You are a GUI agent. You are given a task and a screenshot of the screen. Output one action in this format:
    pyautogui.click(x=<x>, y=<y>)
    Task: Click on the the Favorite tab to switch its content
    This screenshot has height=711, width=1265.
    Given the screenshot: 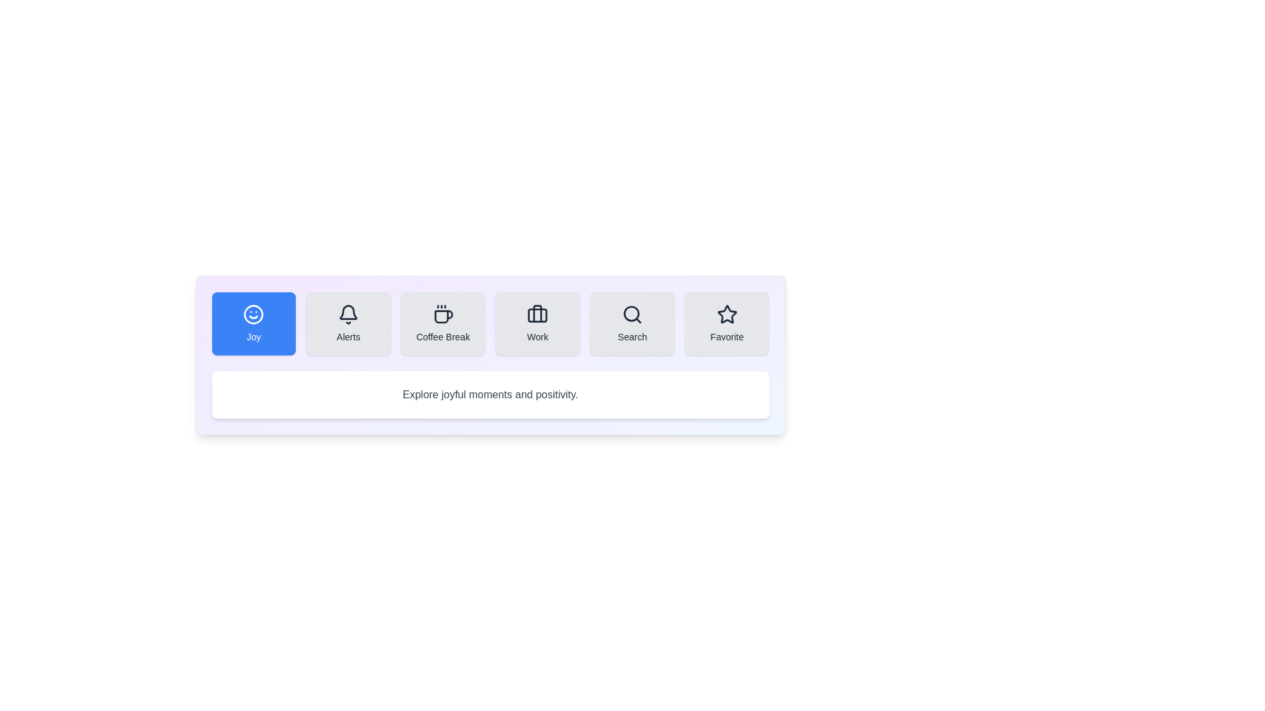 What is the action you would take?
    pyautogui.click(x=726, y=324)
    